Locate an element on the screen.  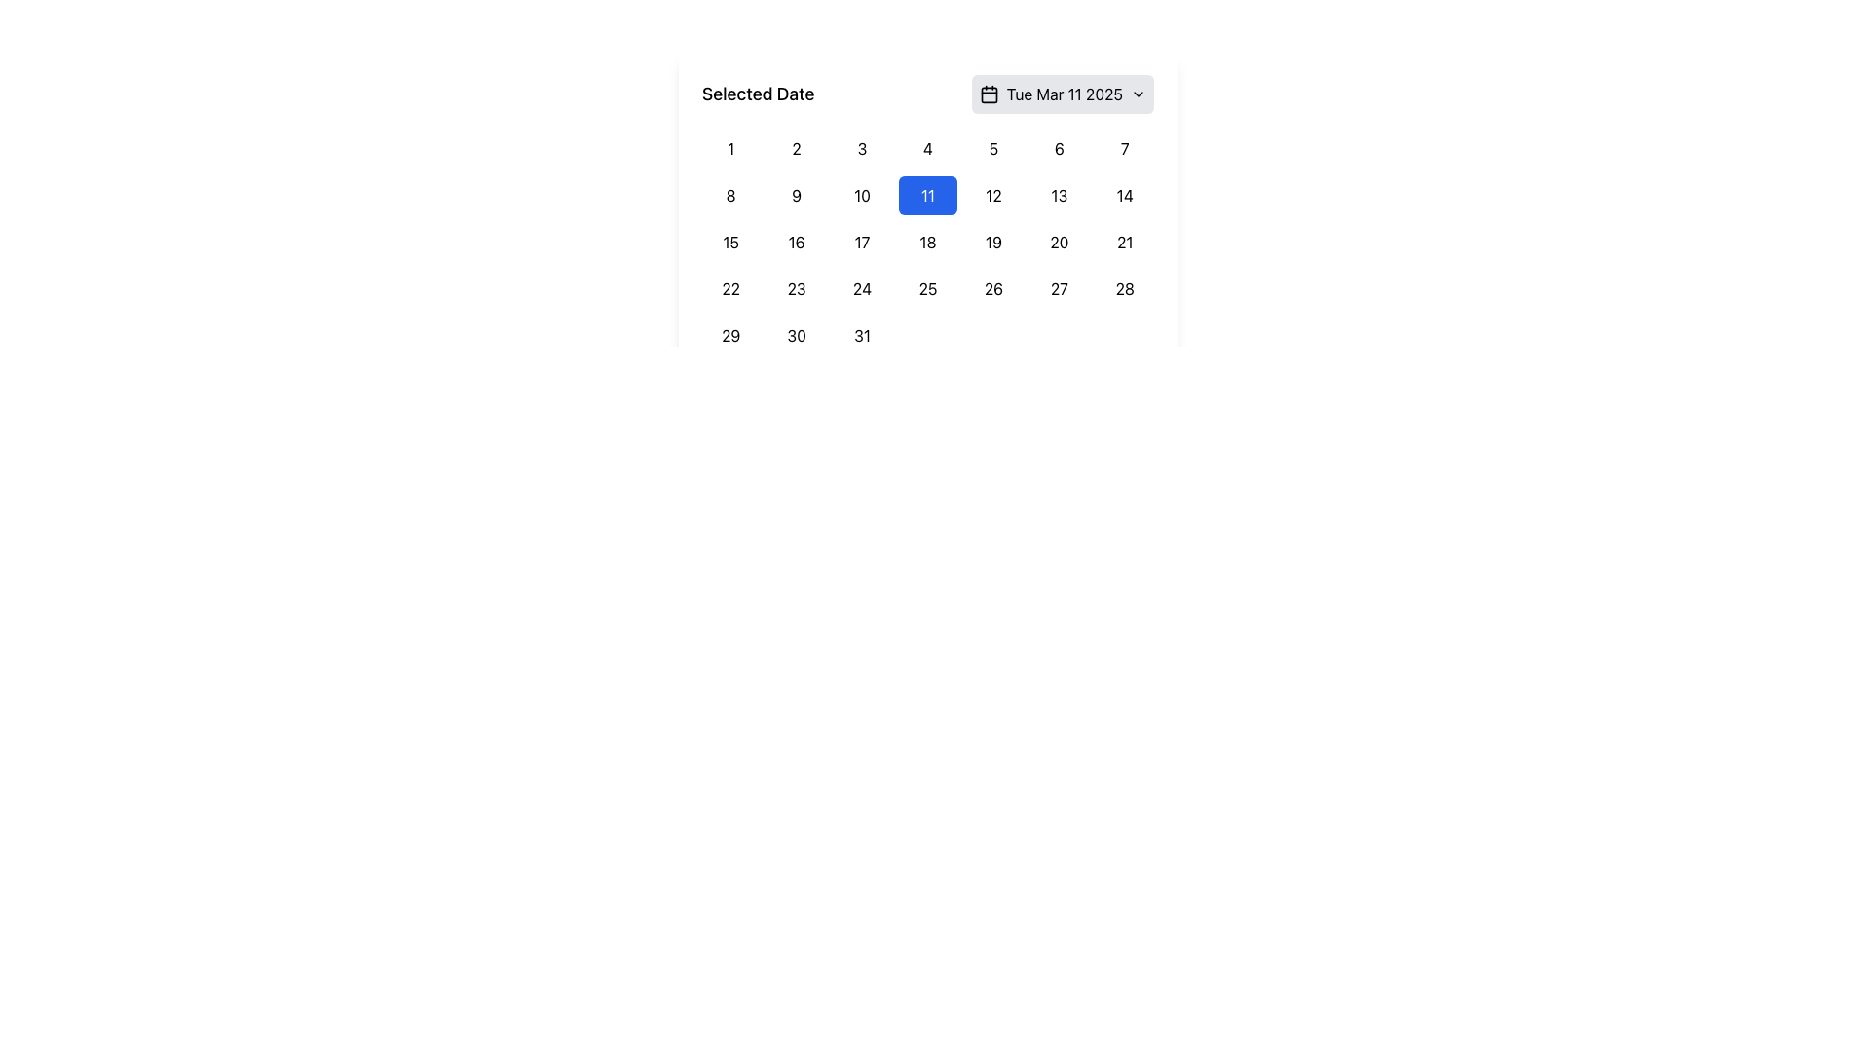
the calendar day button labeled '17' located in the middle row and third column of the grid layout is located at coordinates (861, 242).